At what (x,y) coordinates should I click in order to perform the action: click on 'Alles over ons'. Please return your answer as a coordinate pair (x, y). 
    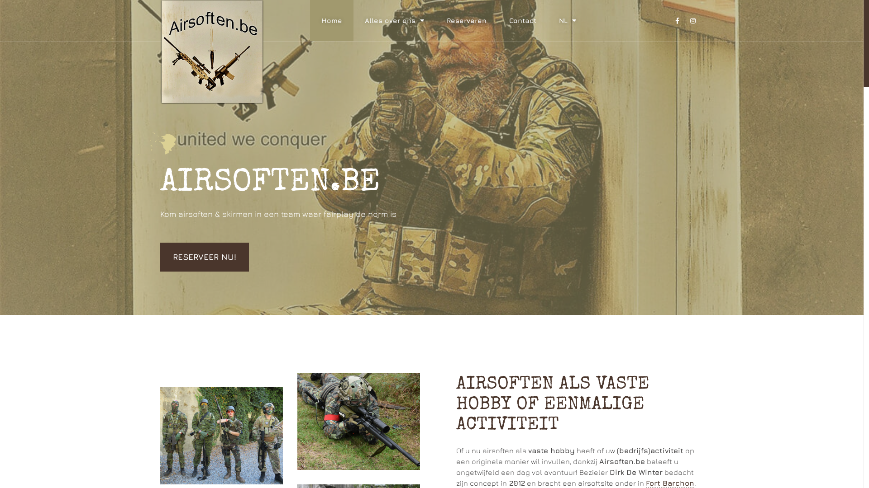
    Looking at the image, I should click on (394, 20).